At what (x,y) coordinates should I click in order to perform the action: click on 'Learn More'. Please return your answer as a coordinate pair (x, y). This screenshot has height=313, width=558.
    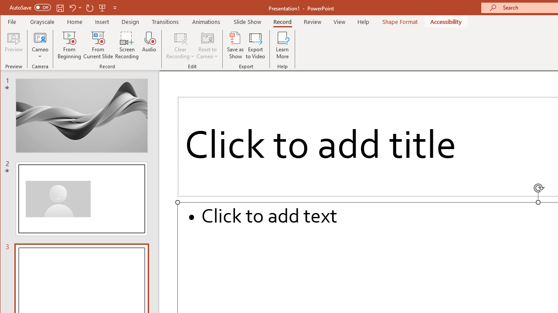
    Looking at the image, I should click on (282, 45).